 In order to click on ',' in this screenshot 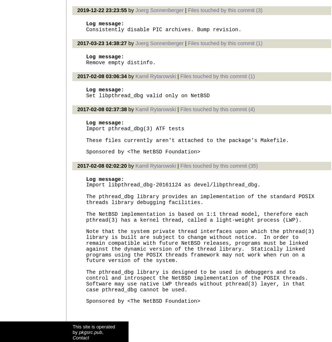, I will do `click(102, 332)`.